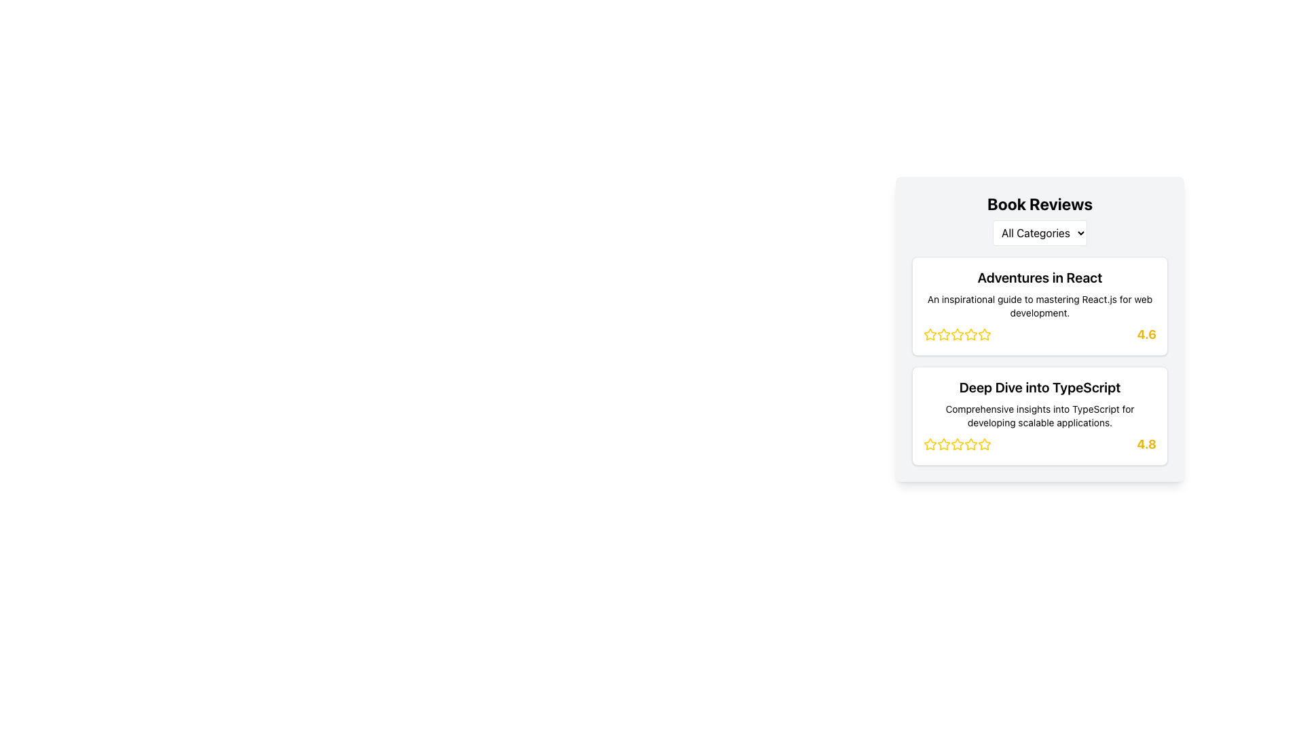  I want to click on the header text 'Adventures in React' located in the first book information card under the 'Book Reviews' section, so click(1039, 277).